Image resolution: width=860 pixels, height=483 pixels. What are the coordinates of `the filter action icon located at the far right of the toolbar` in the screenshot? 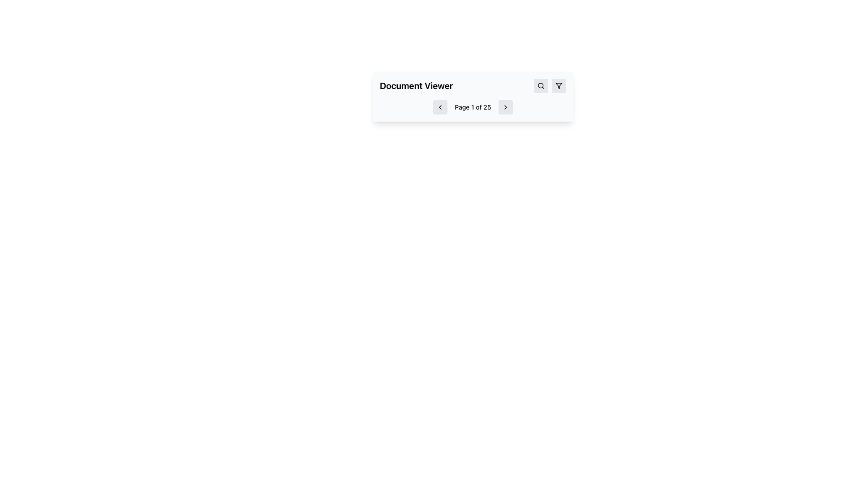 It's located at (559, 86).